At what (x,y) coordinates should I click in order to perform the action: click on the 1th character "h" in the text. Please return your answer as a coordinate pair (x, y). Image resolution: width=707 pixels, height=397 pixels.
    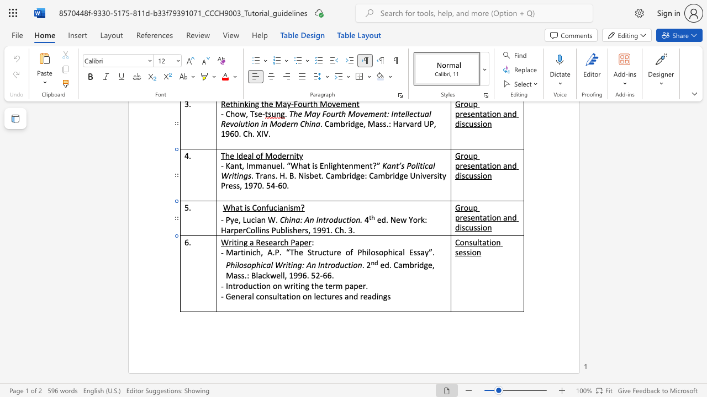
    Looking at the image, I should click on (286, 242).